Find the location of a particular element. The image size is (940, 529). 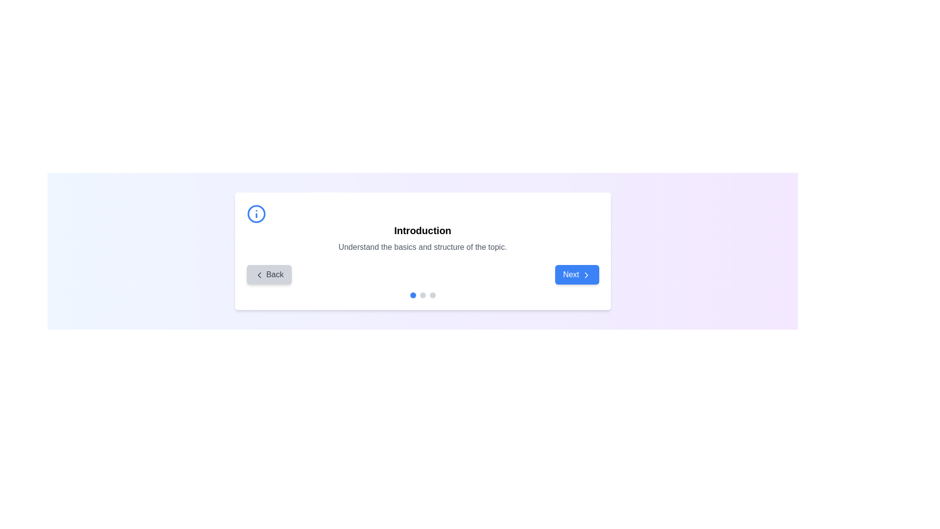

the 'Back' button icon, which indicates a 'go back' or 'previous step' action, located in the bottom left corner of the card-style section is located at coordinates (259, 275).